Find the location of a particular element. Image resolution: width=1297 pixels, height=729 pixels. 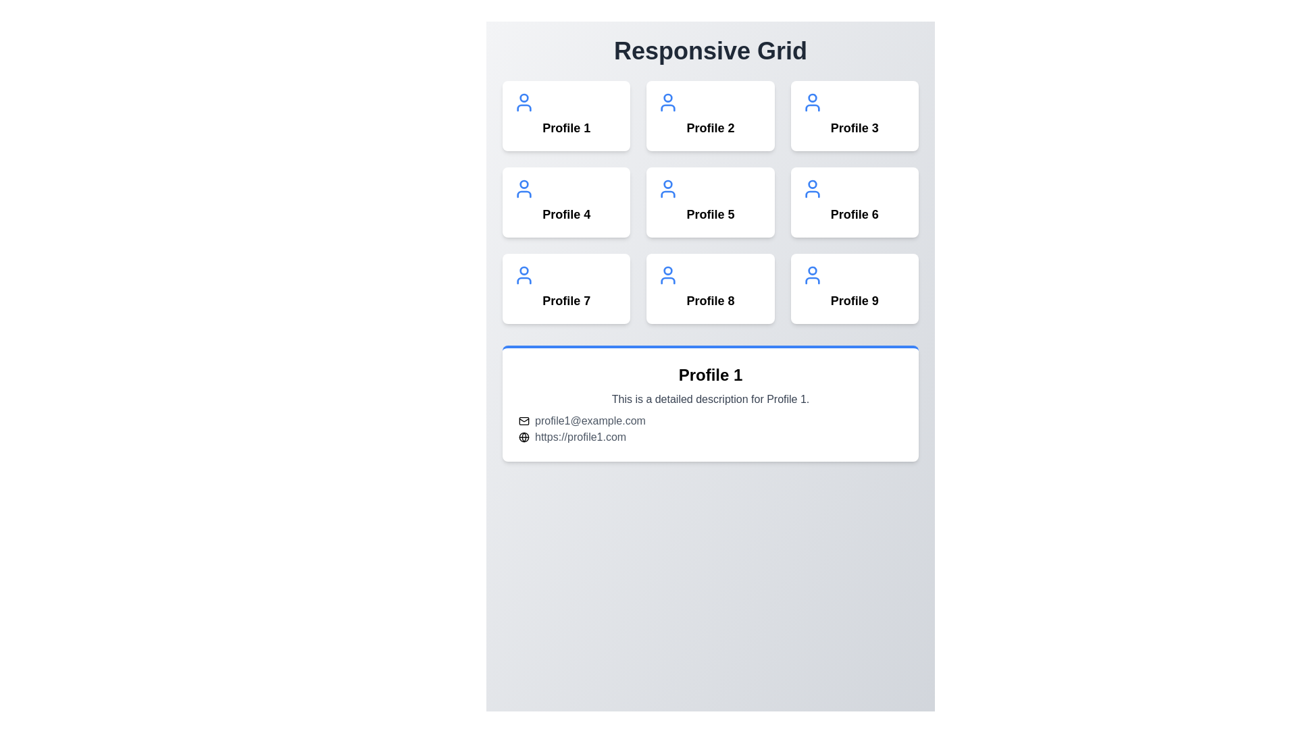

the 'Profile 2' clickable card, which has a white background, shadow effects, and rounded corners, located in the second column of the first row of a grid of profile cards is located at coordinates (709, 115).